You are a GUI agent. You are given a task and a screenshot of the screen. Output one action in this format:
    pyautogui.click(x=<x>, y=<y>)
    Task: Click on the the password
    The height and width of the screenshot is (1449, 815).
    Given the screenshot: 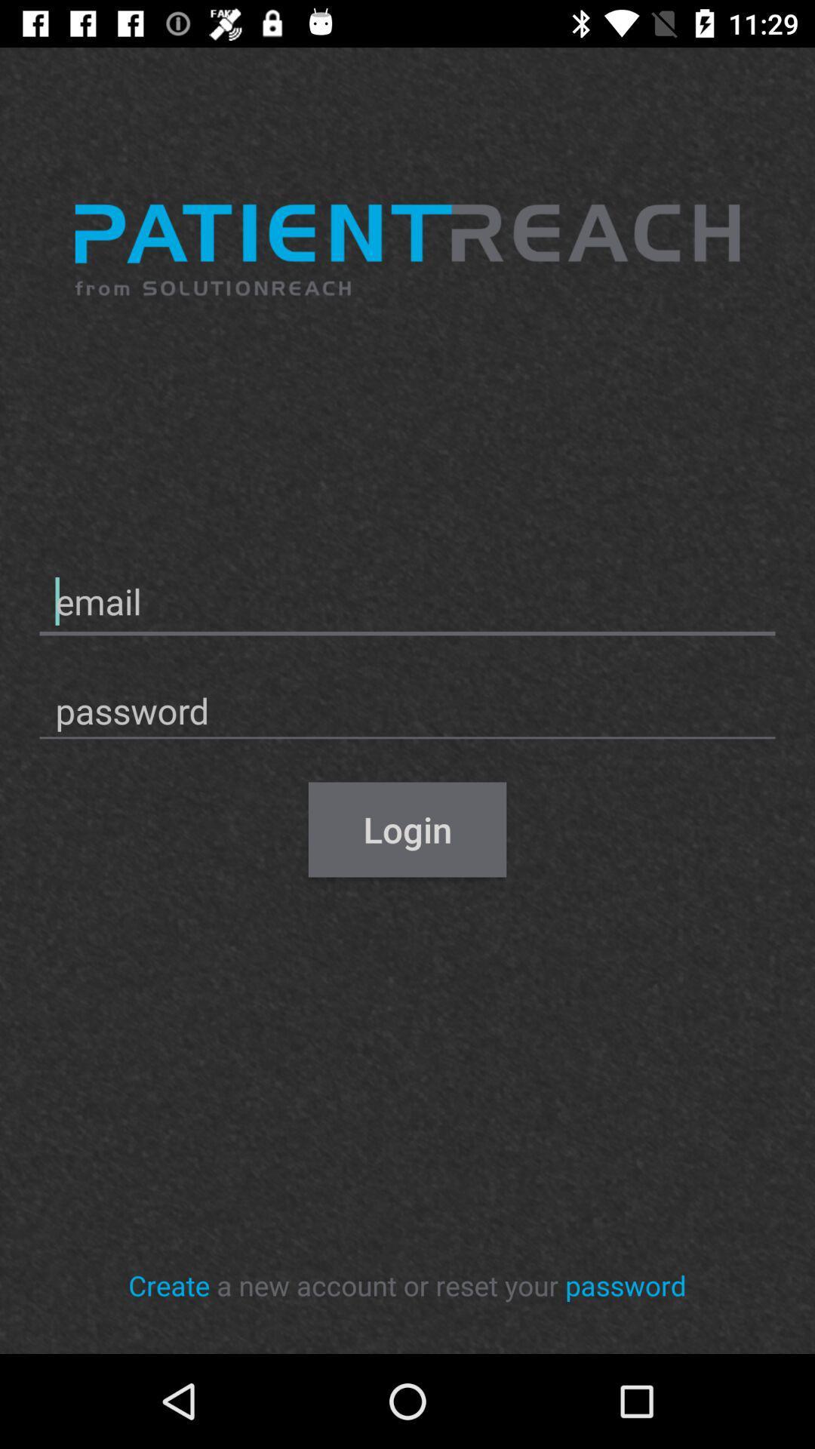 What is the action you would take?
    pyautogui.click(x=626, y=1284)
    